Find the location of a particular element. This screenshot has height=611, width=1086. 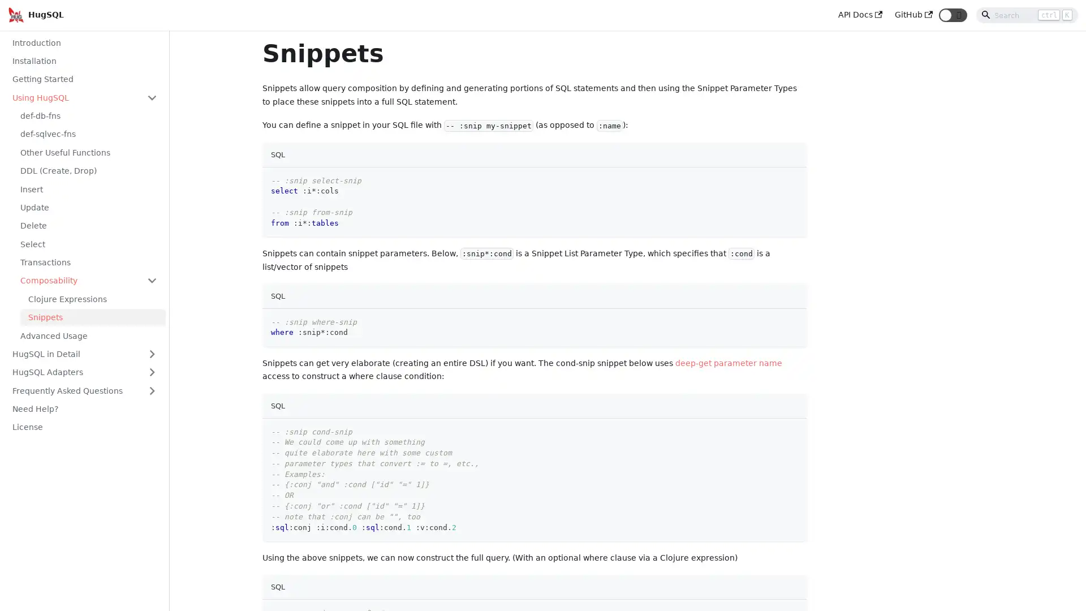

Toggle the collapsible sidebar category 'Composability' is located at coordinates (151, 280).